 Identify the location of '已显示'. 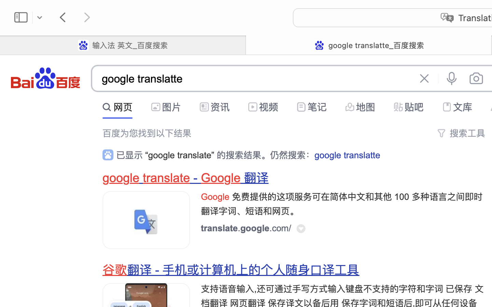
(131, 155).